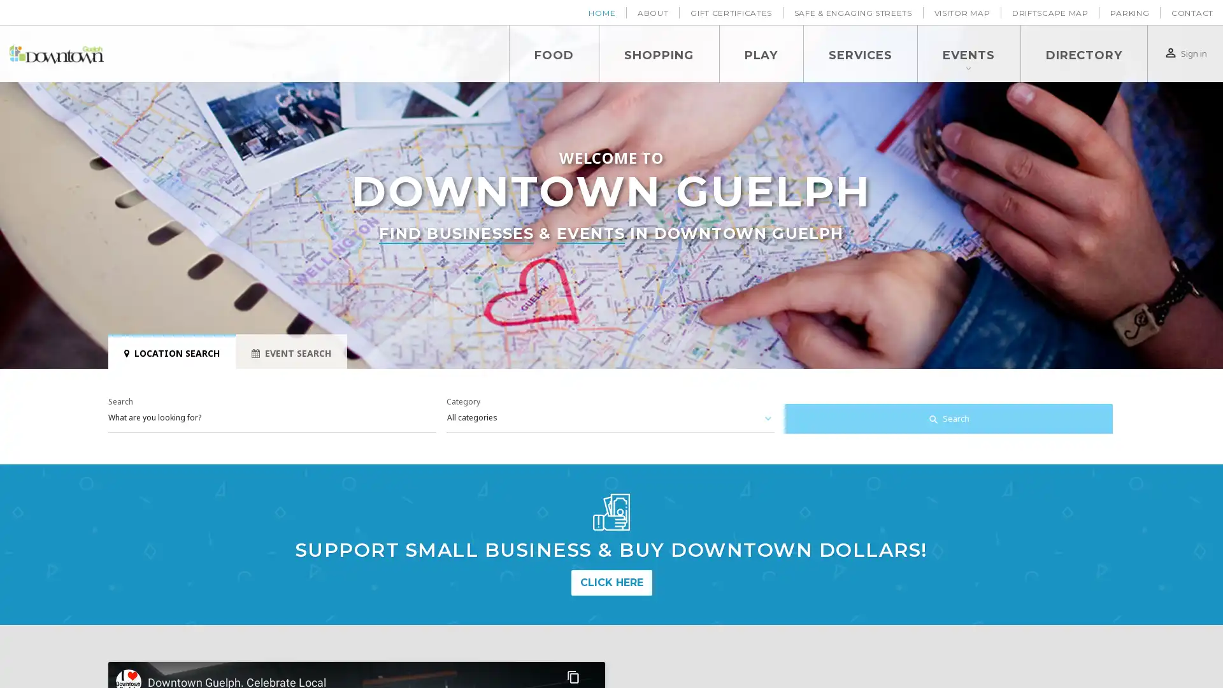 The image size is (1223, 688). I want to click on searchSearch, so click(948, 419).